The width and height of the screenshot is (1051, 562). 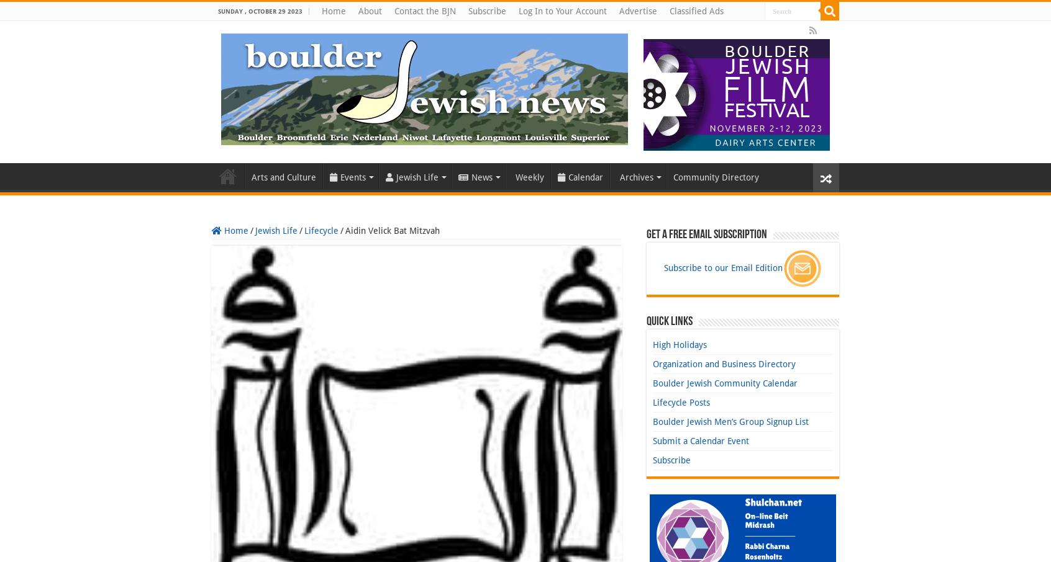 I want to click on 'Subscribe', so click(x=671, y=460).